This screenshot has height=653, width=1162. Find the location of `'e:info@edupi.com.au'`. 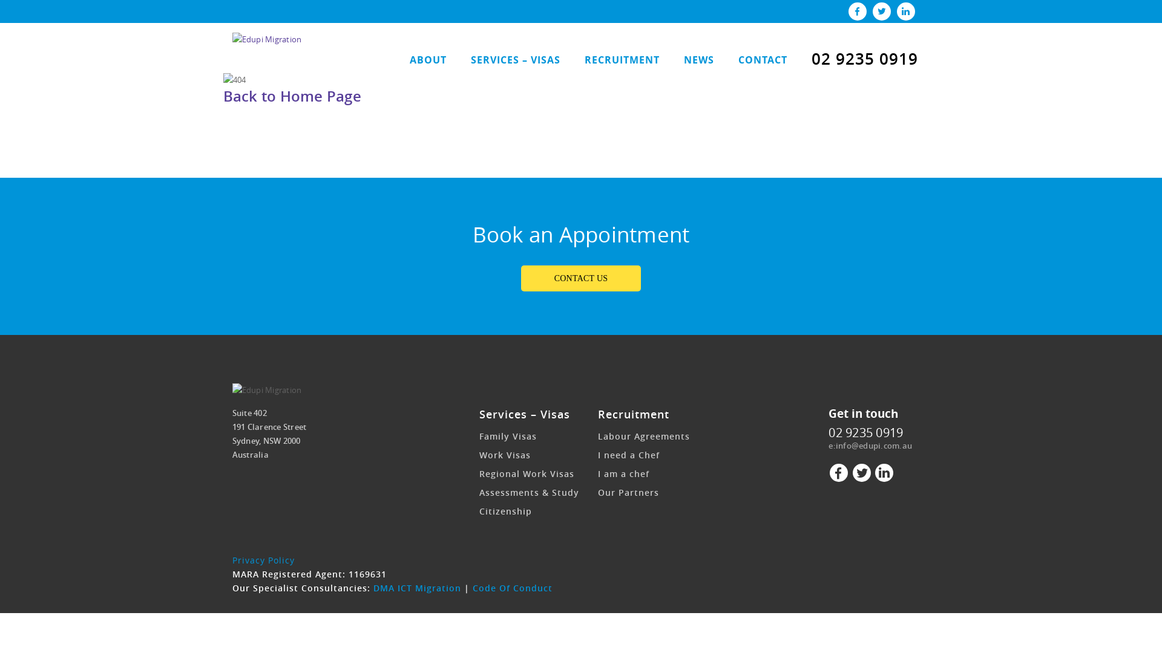

'e:info@edupi.com.au' is located at coordinates (870, 445).